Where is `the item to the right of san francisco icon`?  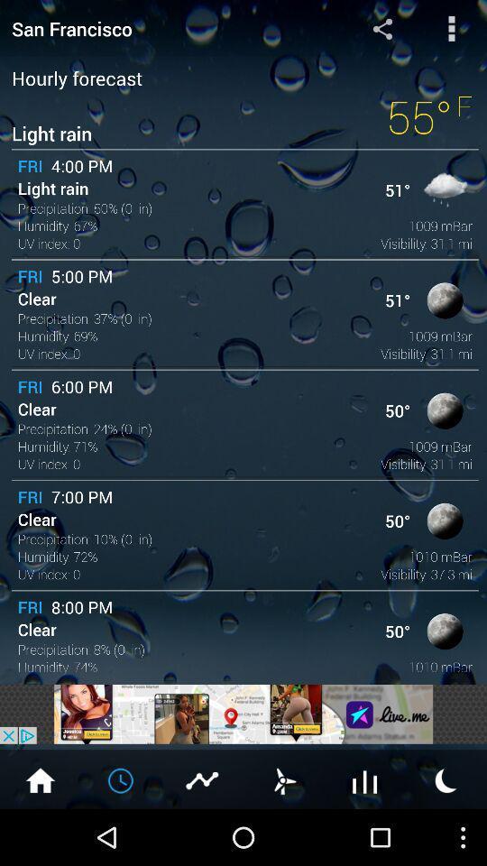
the item to the right of san francisco icon is located at coordinates (381, 27).